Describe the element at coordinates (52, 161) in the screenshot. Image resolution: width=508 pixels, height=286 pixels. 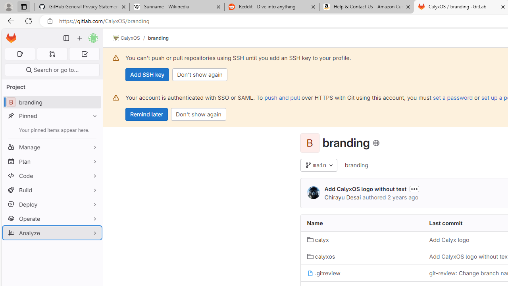
I see `'Plan'` at that location.